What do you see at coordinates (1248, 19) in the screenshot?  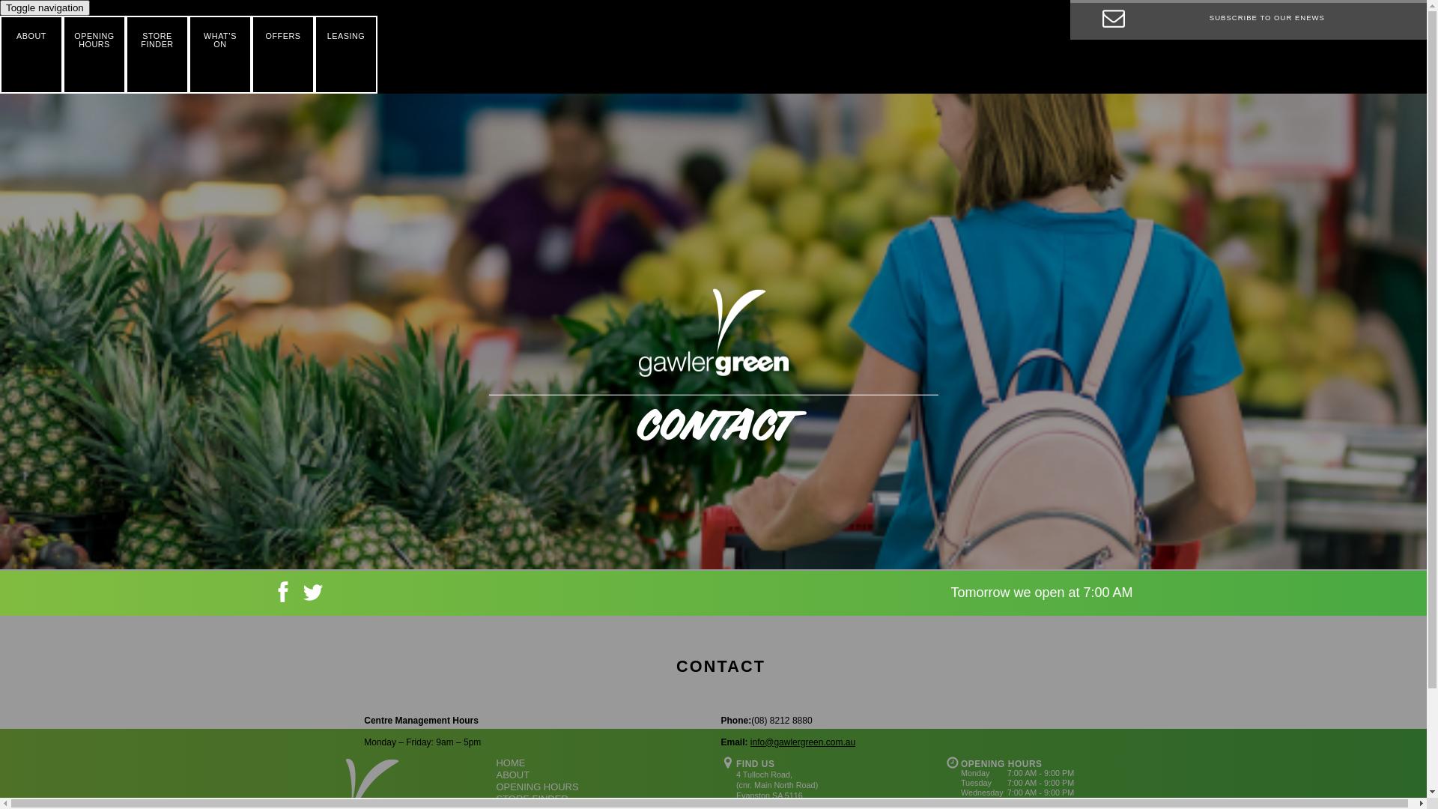 I see `'SUBSCRIBE TO OUR ENEWS'` at bounding box center [1248, 19].